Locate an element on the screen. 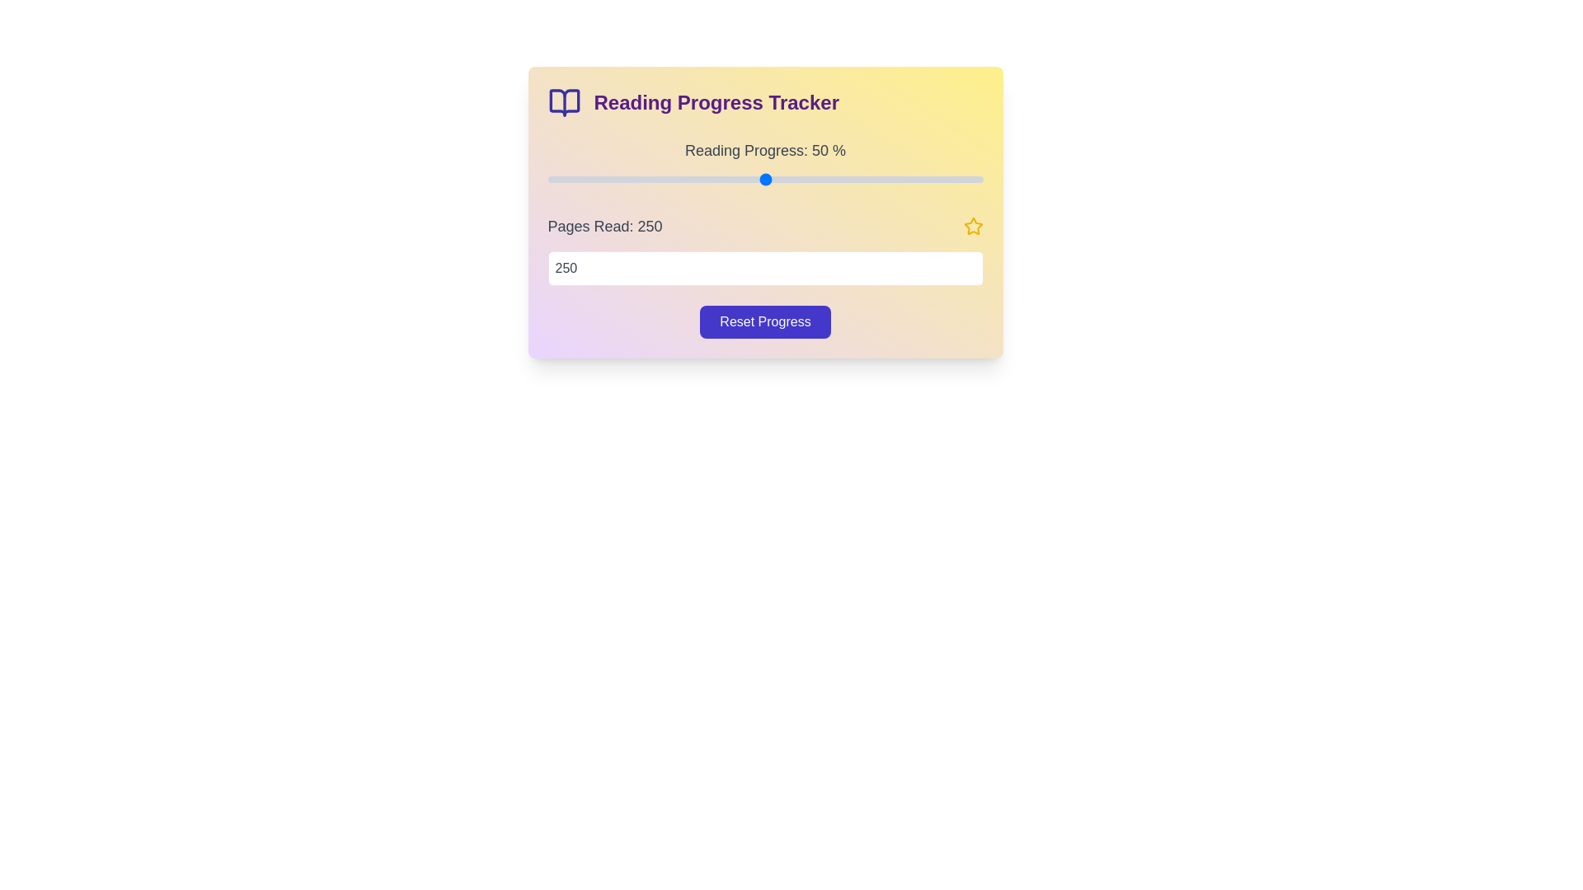 The width and height of the screenshot is (1583, 890). the number of pages read to 303 using the input field is located at coordinates (764, 268).